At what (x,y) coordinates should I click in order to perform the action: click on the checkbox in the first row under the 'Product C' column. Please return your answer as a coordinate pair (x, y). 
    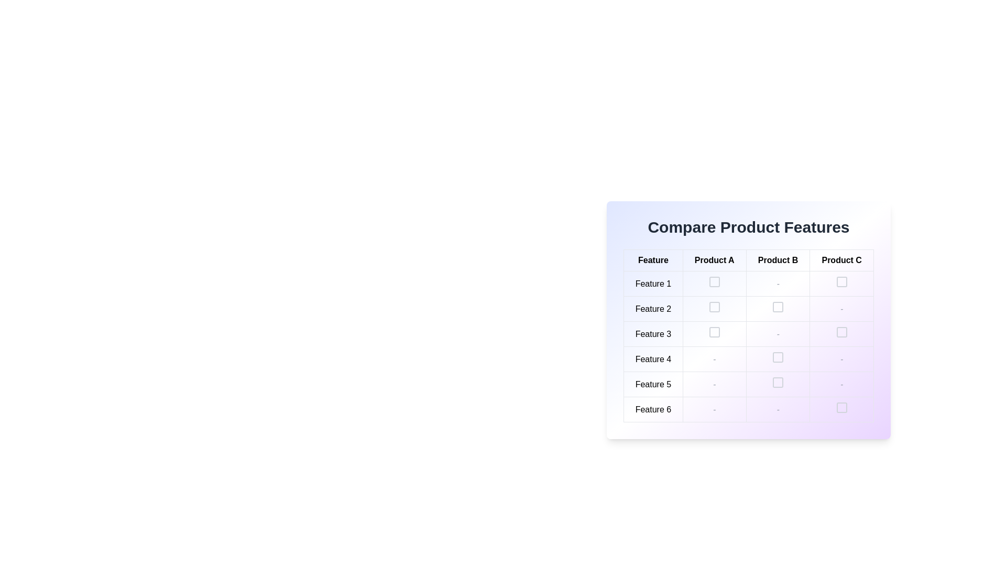
    Looking at the image, I should click on (841, 281).